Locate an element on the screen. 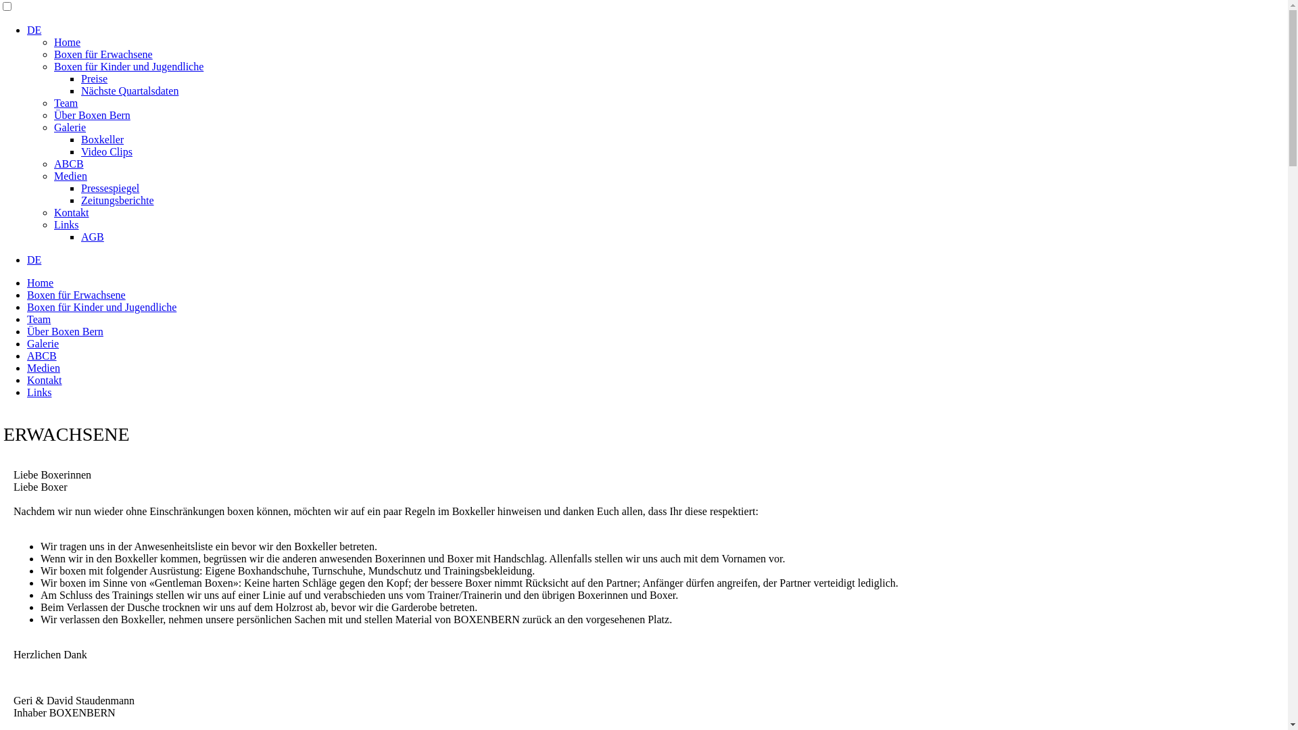 The height and width of the screenshot is (730, 1298). 'Kontakt' is located at coordinates (70, 212).